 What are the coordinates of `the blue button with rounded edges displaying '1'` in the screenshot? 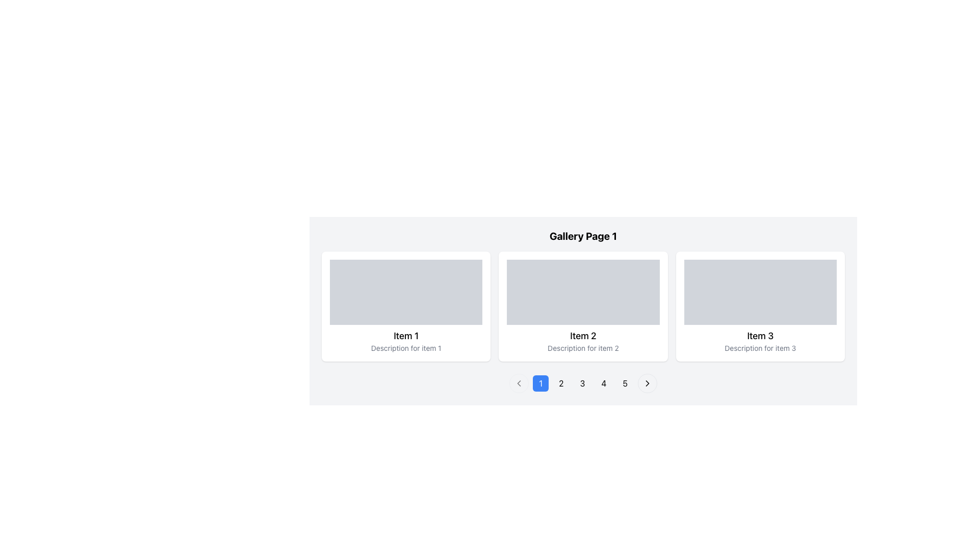 It's located at (540, 383).